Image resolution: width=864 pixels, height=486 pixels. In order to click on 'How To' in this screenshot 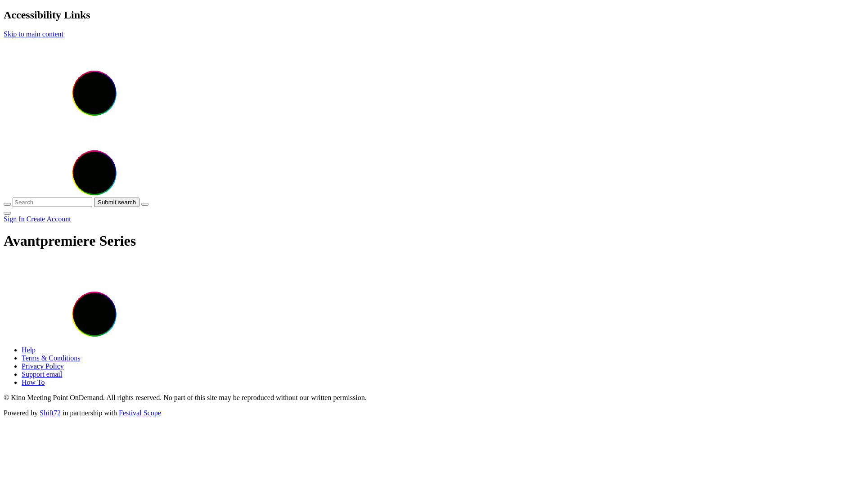, I will do `click(33, 382)`.